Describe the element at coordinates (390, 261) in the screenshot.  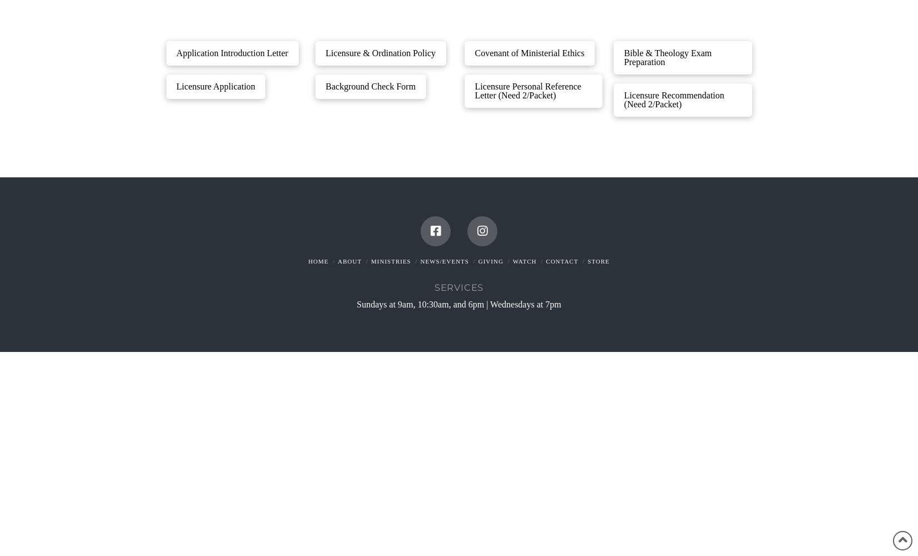
I see `'Ministries'` at that location.